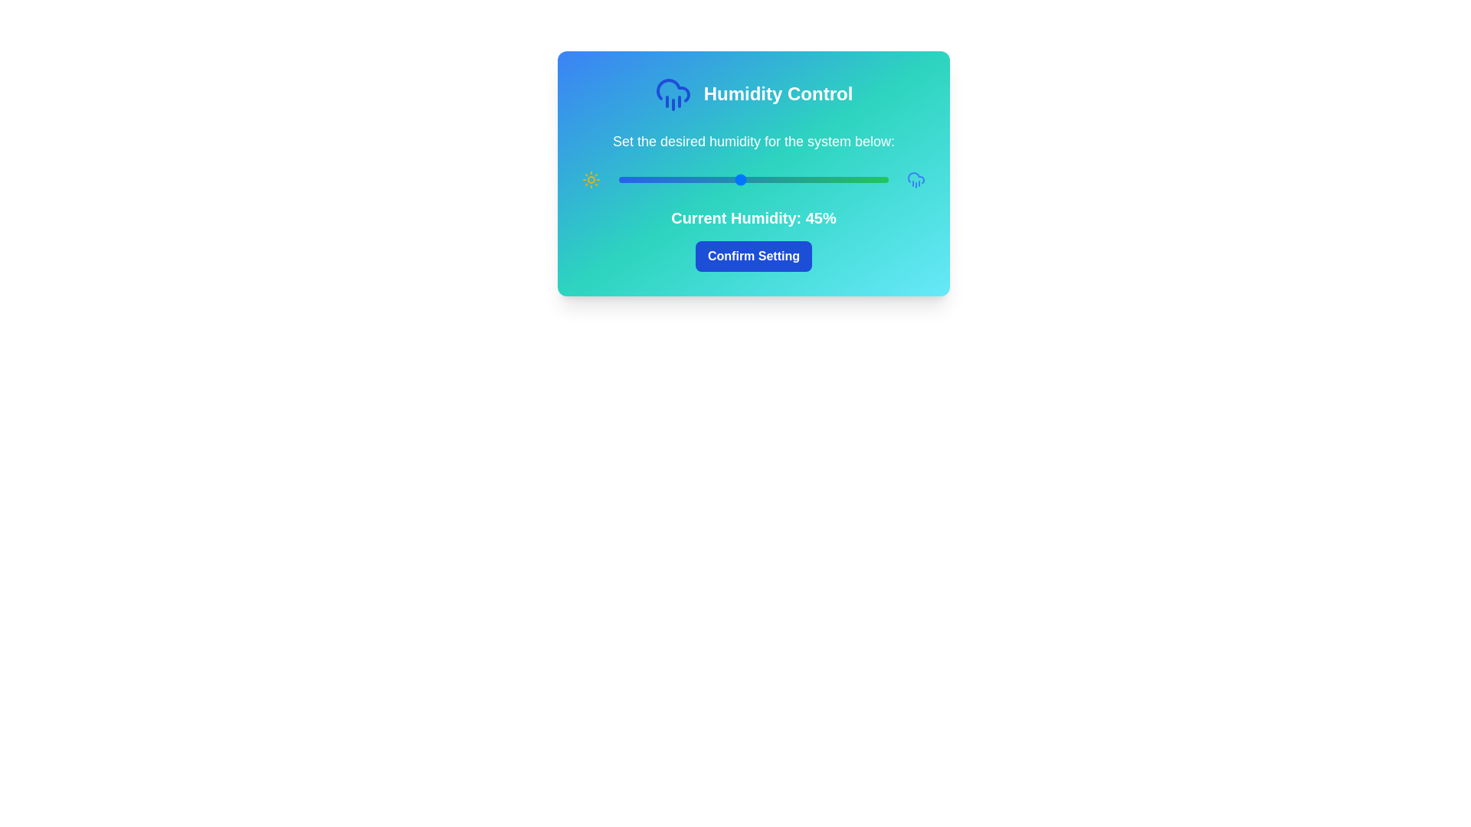 Image resolution: width=1471 pixels, height=827 pixels. I want to click on the humidity slider to set the humidity level to 59%, so click(778, 179).